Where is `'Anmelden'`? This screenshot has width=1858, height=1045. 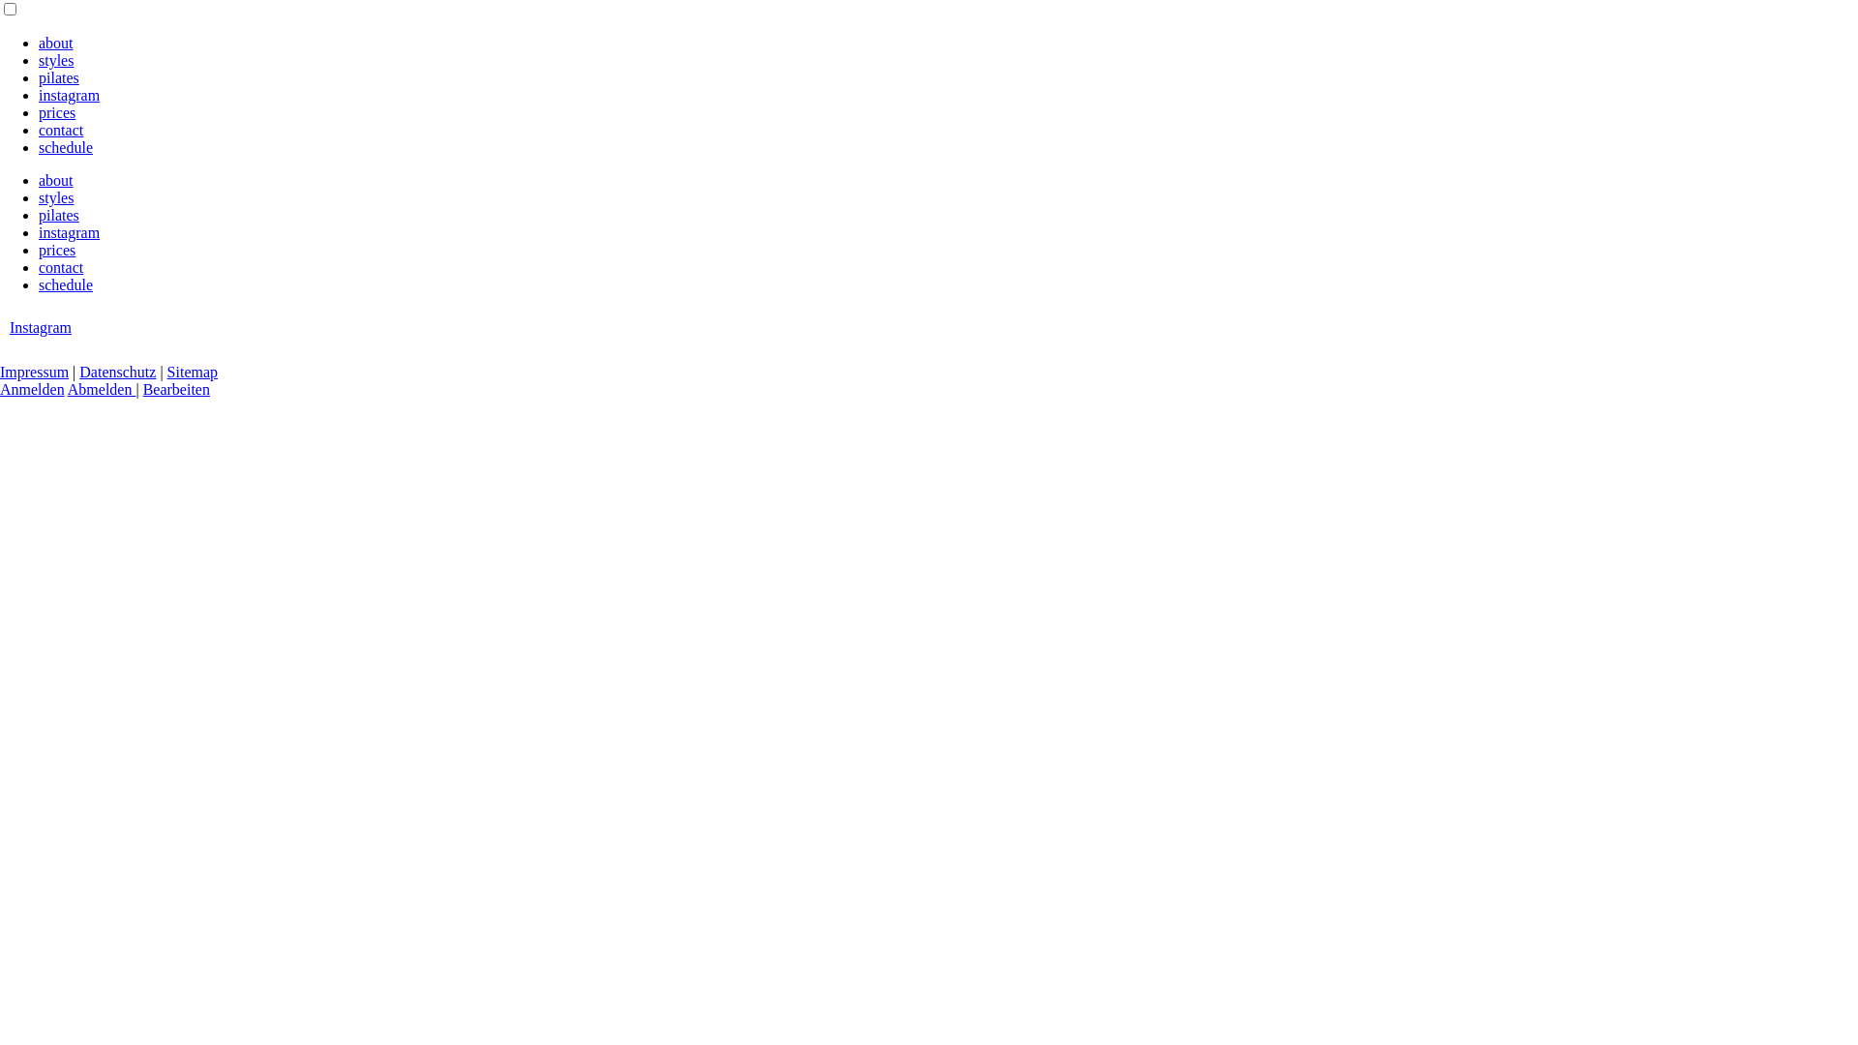
'Anmelden' is located at coordinates (32, 389).